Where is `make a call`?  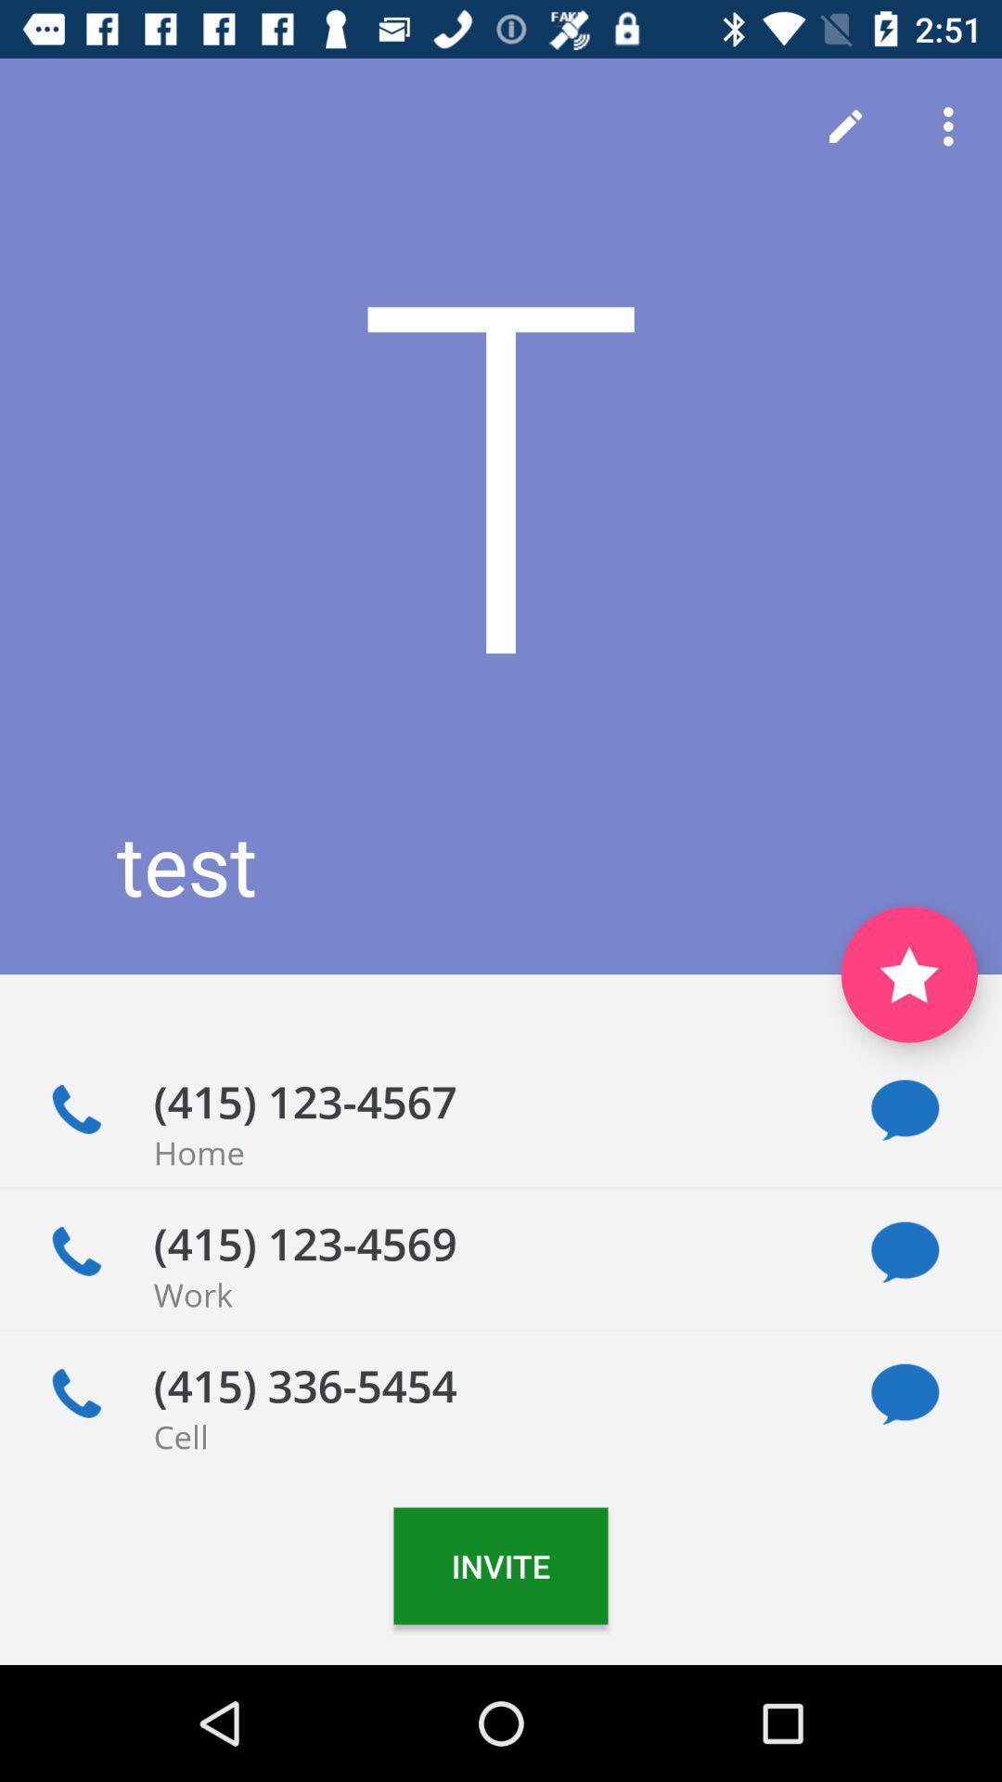 make a call is located at coordinates (75, 1252).